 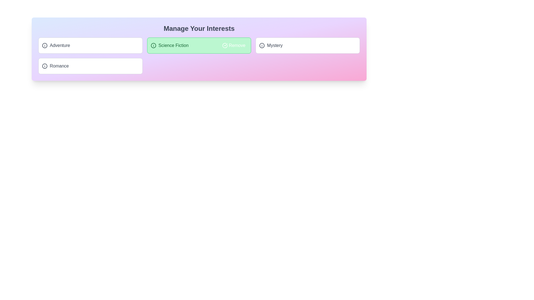 What do you see at coordinates (346, 45) in the screenshot?
I see `the action button next to the tag labeled 'Mystery' to toggle its 'added' status` at bounding box center [346, 45].